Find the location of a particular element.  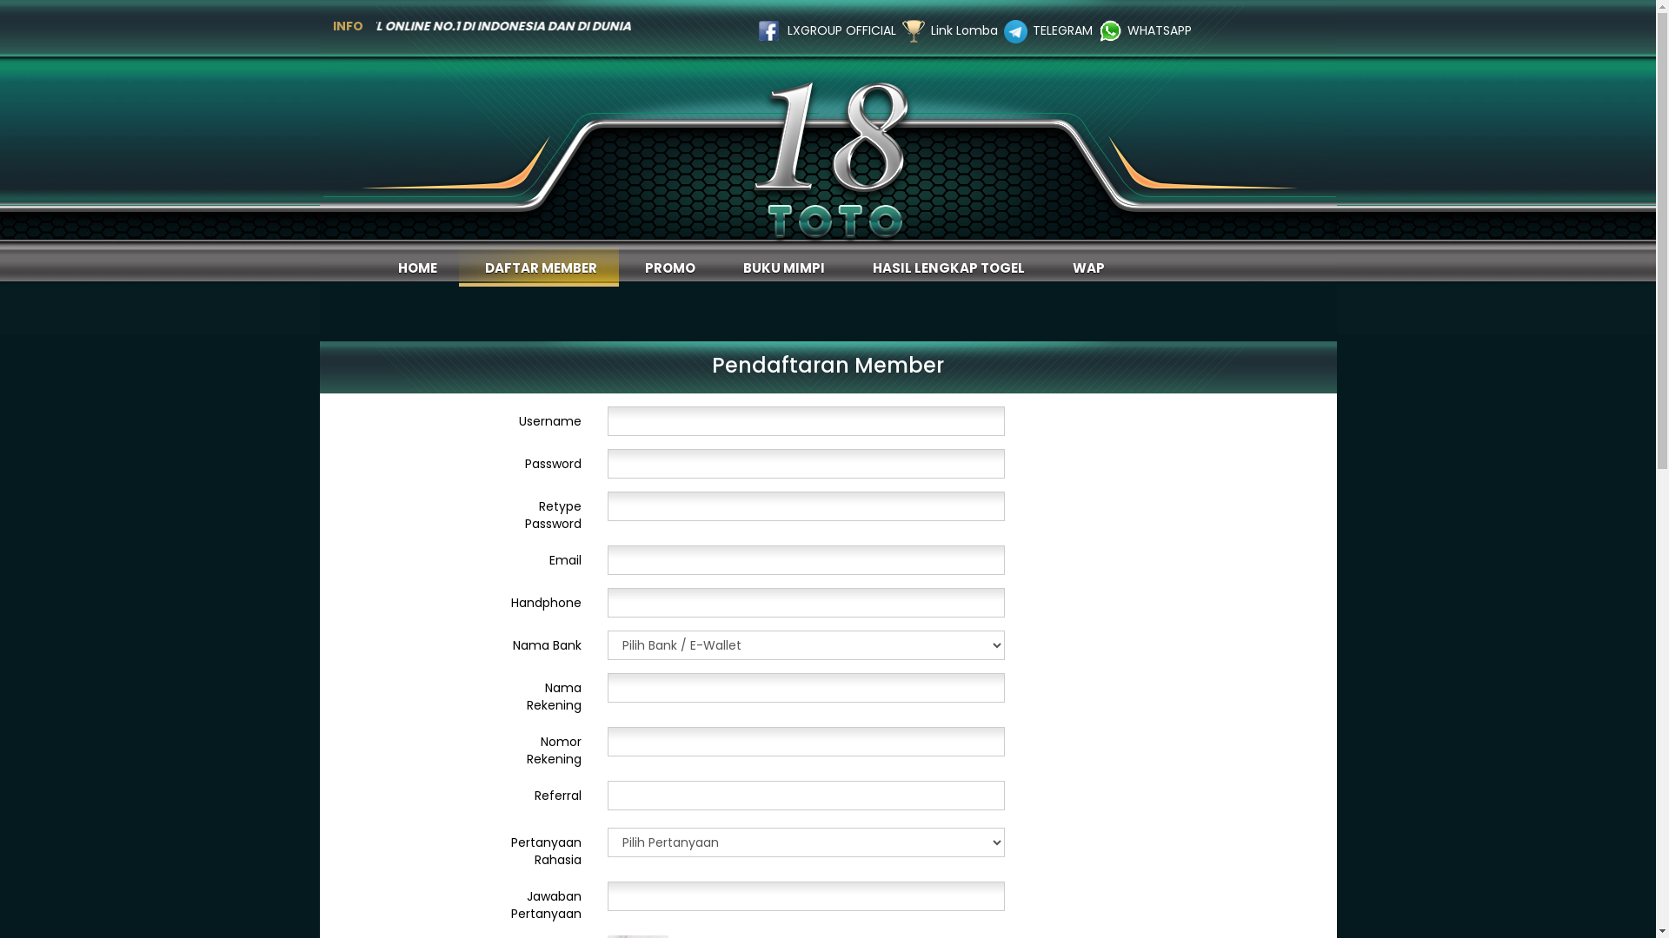

'Link Lomba' is located at coordinates (929, 30).